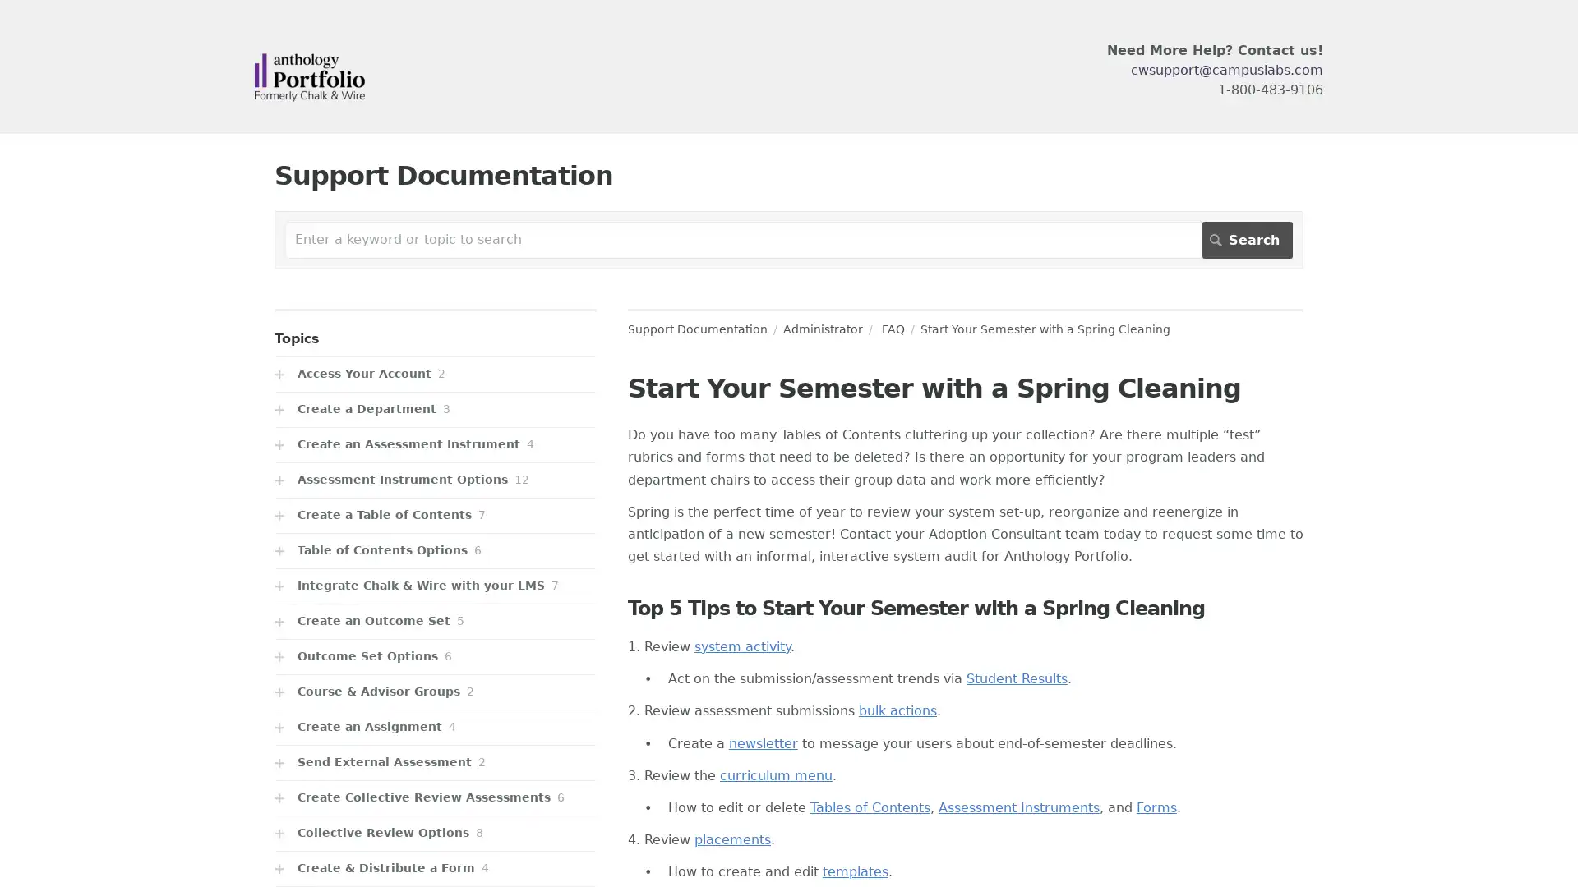  What do you see at coordinates (435, 480) in the screenshot?
I see `Assessment Instrument Options 12` at bounding box center [435, 480].